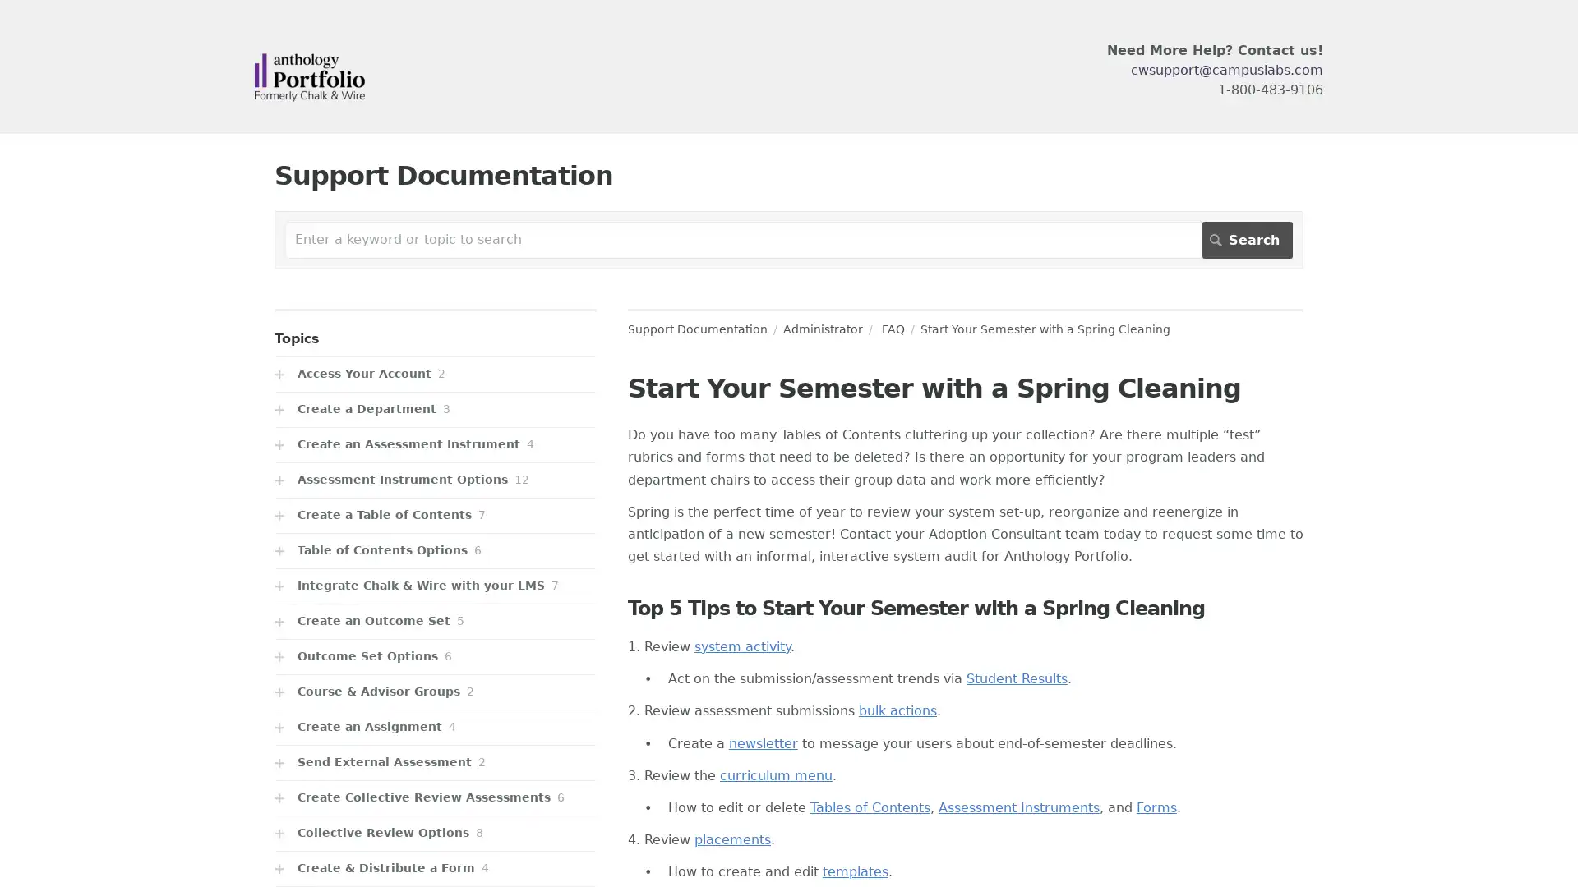  What do you see at coordinates (435, 480) in the screenshot?
I see `Assessment Instrument Options 12` at bounding box center [435, 480].